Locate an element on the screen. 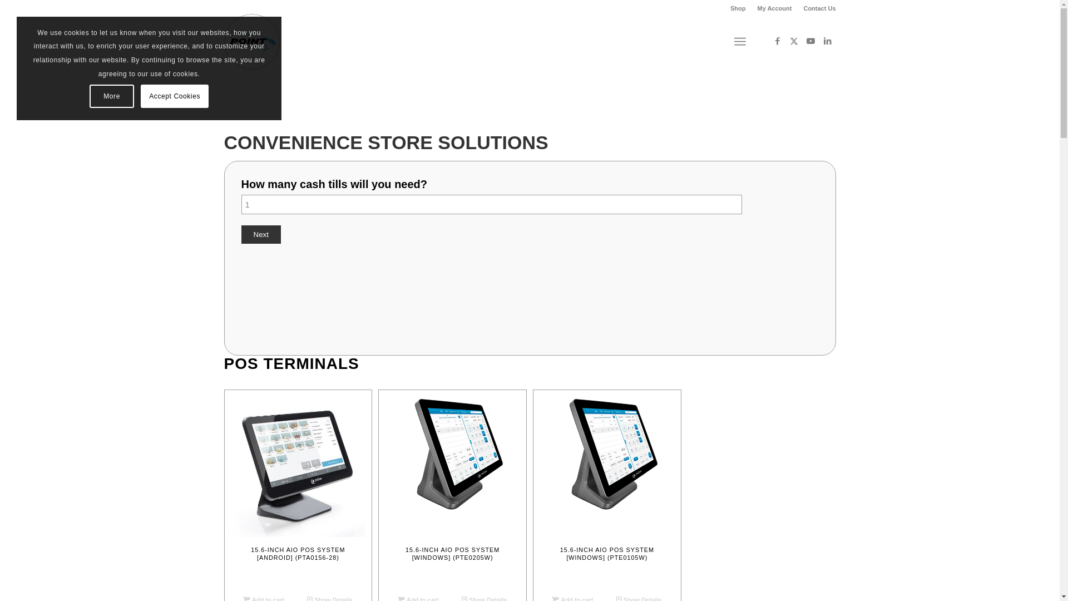 This screenshot has width=1068, height=601. 'Accept Cookies' is located at coordinates (174, 96).